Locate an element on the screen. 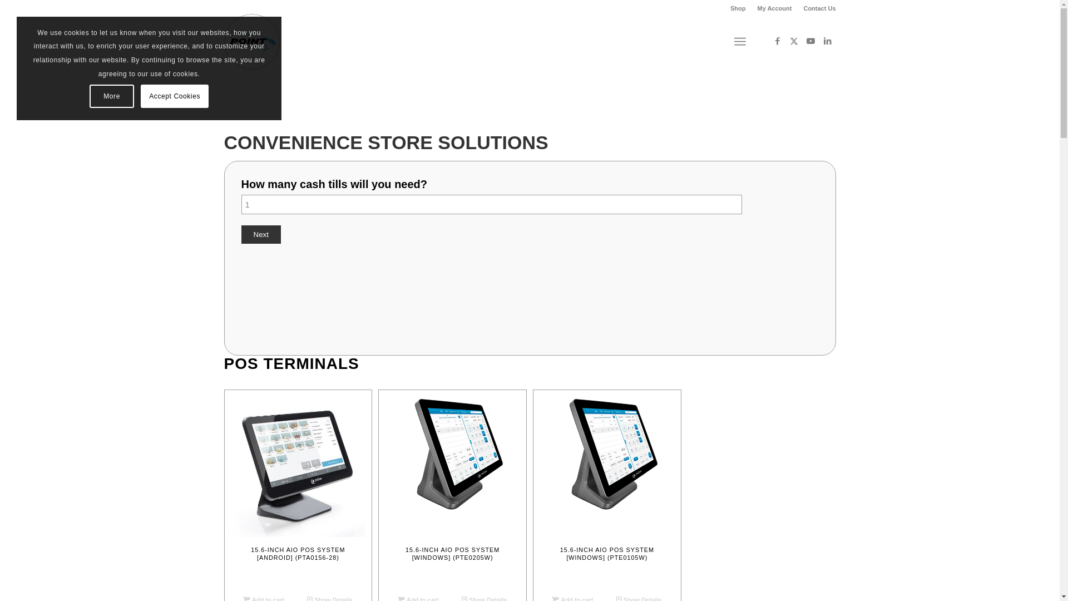 This screenshot has width=1068, height=601. 'Accept Cookies' is located at coordinates (174, 96).